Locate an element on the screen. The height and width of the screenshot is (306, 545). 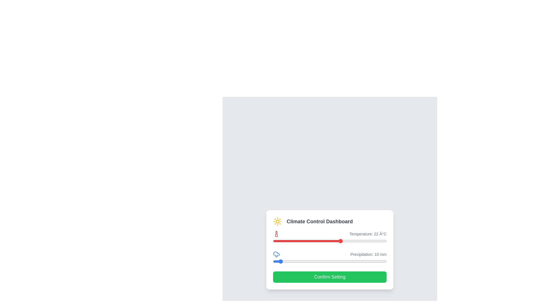
the precipitation slider to 44 mm is located at coordinates (298, 261).